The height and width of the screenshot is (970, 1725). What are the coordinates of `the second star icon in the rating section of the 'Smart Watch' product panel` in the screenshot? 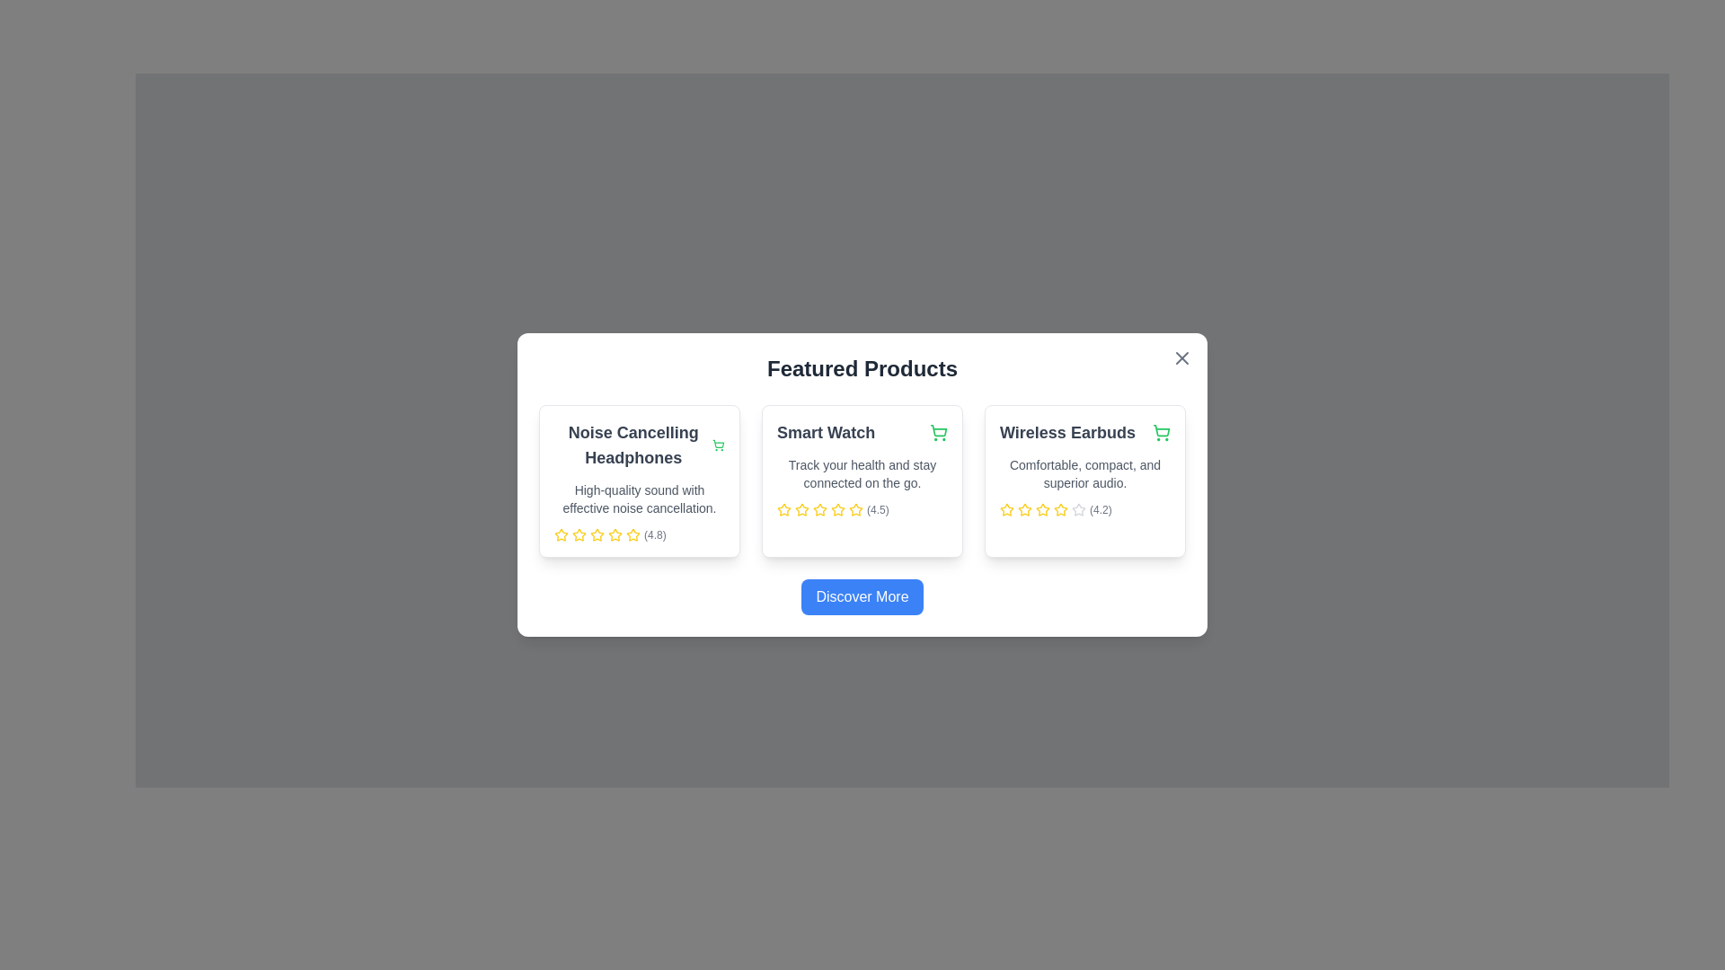 It's located at (801, 509).